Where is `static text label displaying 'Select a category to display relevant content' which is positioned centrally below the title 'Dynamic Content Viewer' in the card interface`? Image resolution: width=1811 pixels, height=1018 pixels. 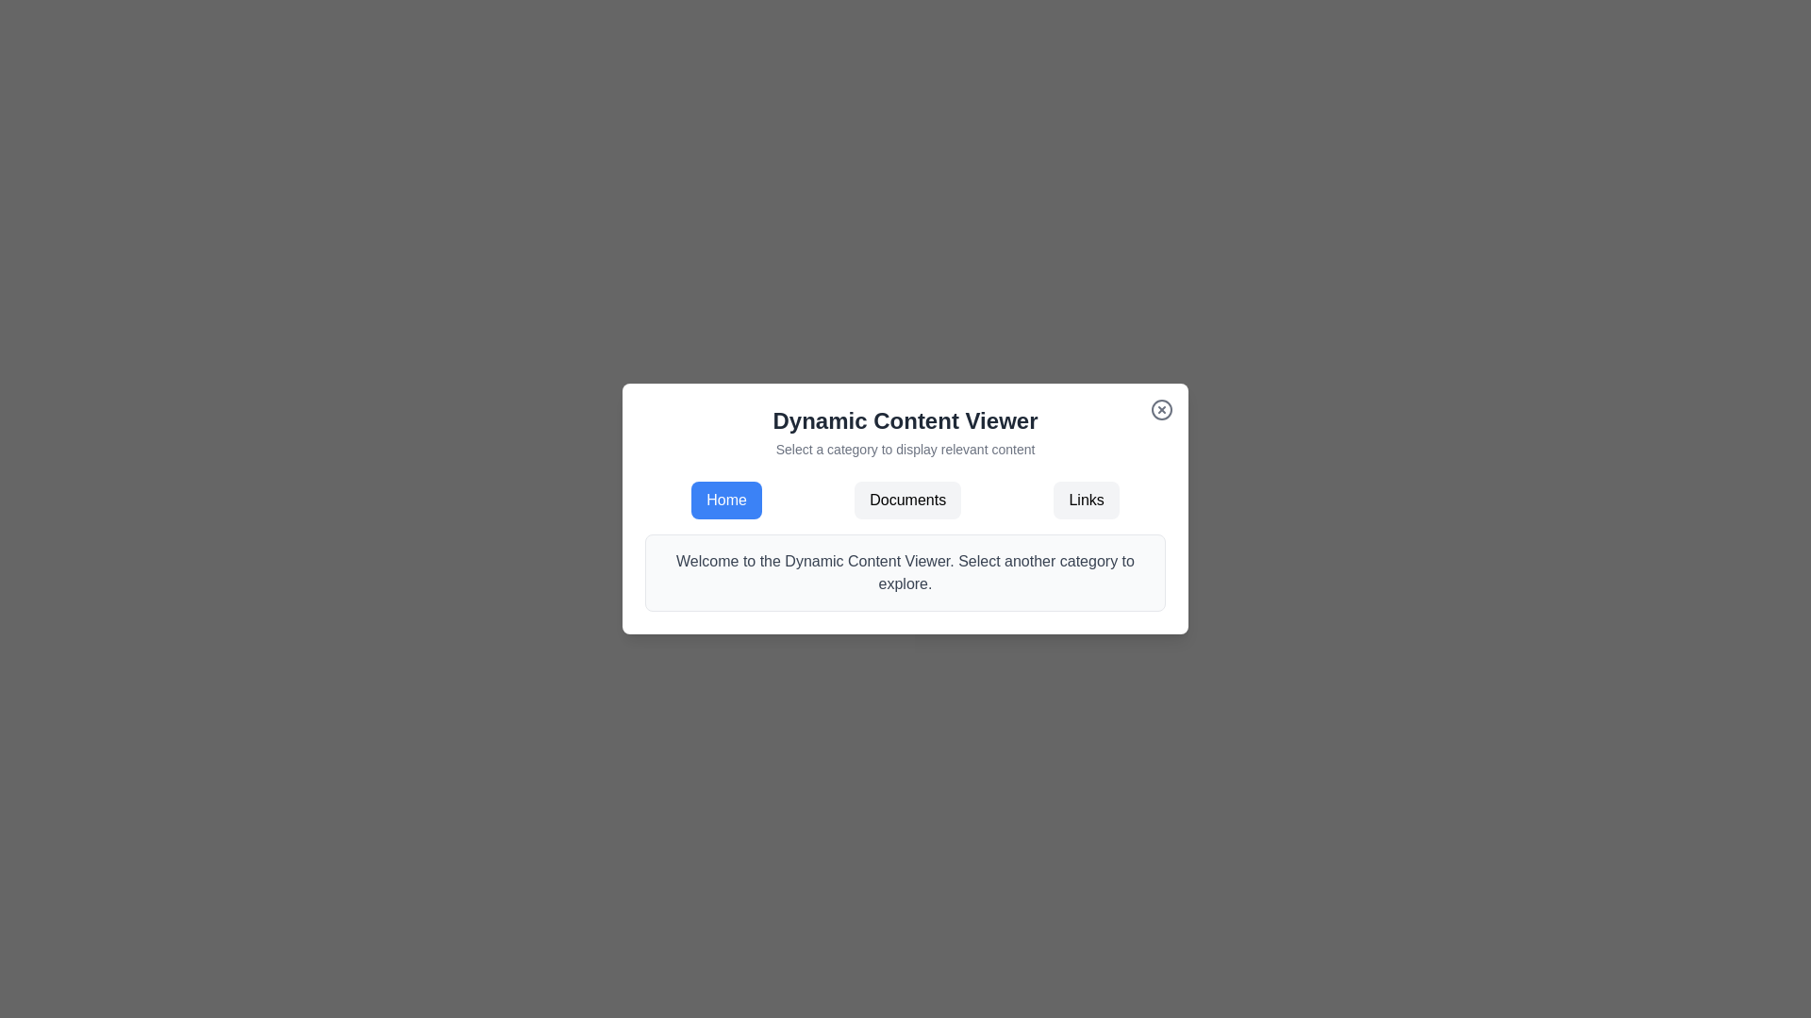 static text label displaying 'Select a category to display relevant content' which is positioned centrally below the title 'Dynamic Content Viewer' in the card interface is located at coordinates (905, 450).